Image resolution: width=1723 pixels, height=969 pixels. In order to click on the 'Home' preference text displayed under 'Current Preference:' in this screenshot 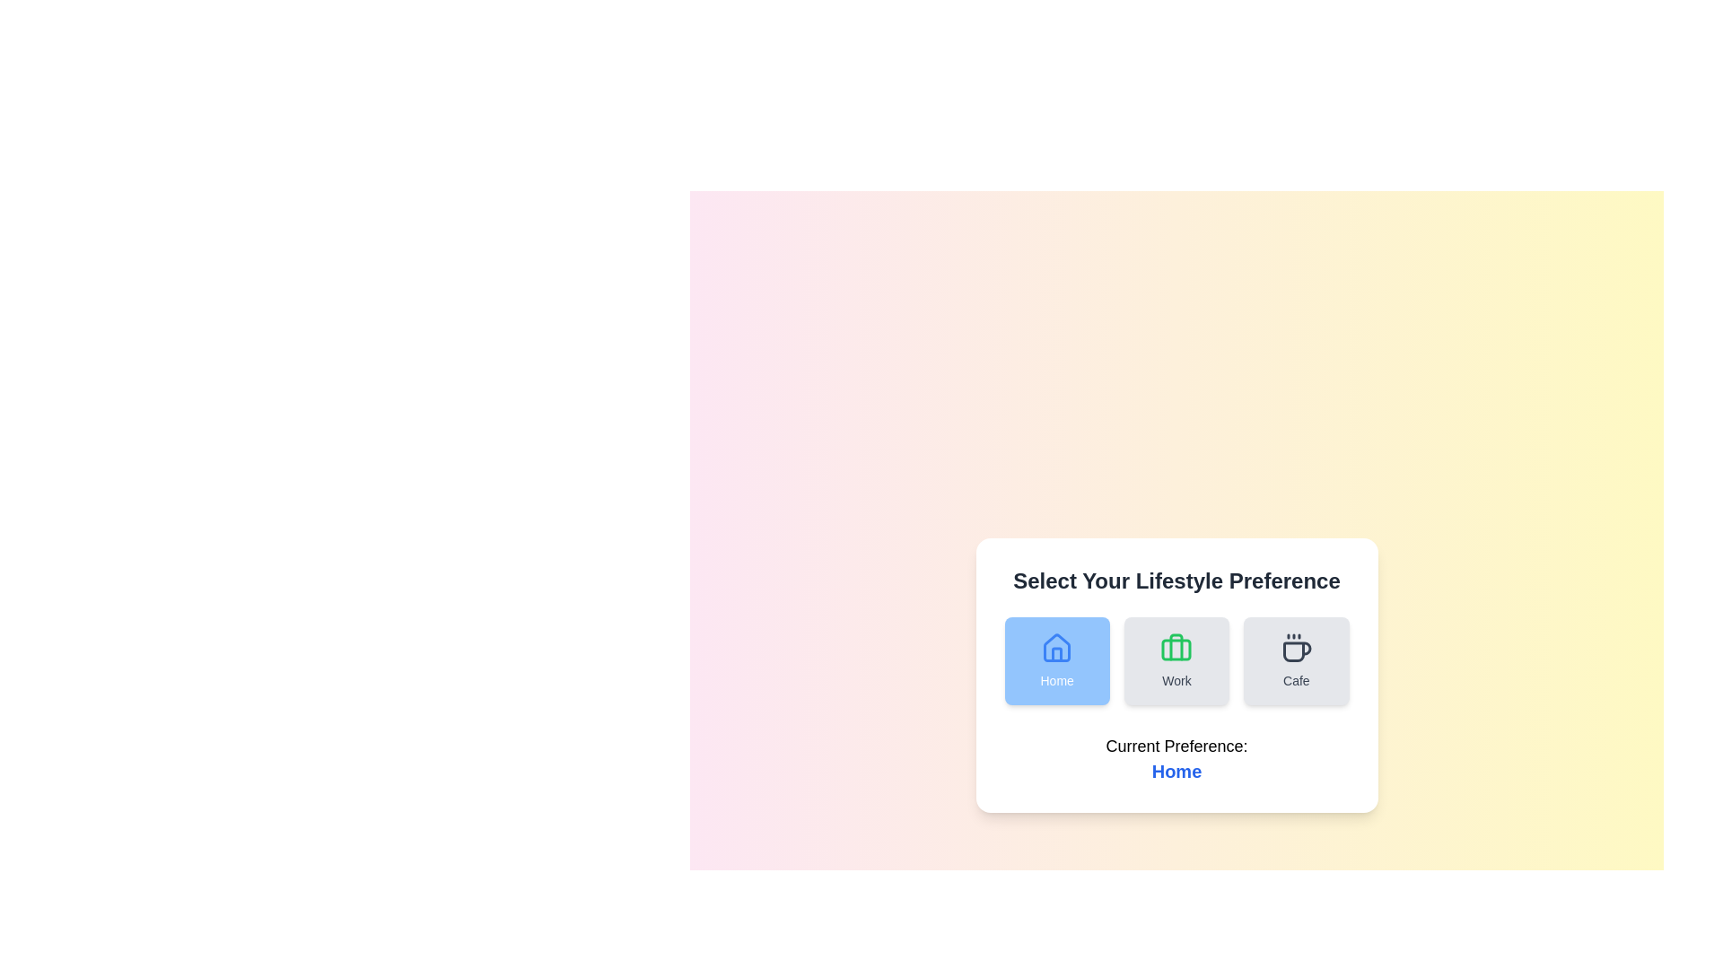, I will do `click(1176, 771)`.